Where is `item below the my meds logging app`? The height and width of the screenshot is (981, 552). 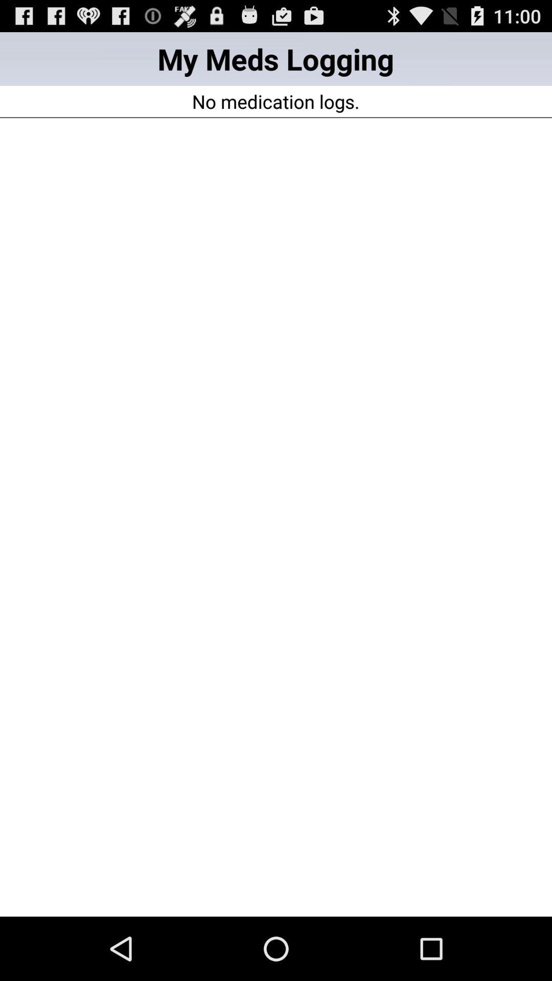
item below the my meds logging app is located at coordinates (275, 101).